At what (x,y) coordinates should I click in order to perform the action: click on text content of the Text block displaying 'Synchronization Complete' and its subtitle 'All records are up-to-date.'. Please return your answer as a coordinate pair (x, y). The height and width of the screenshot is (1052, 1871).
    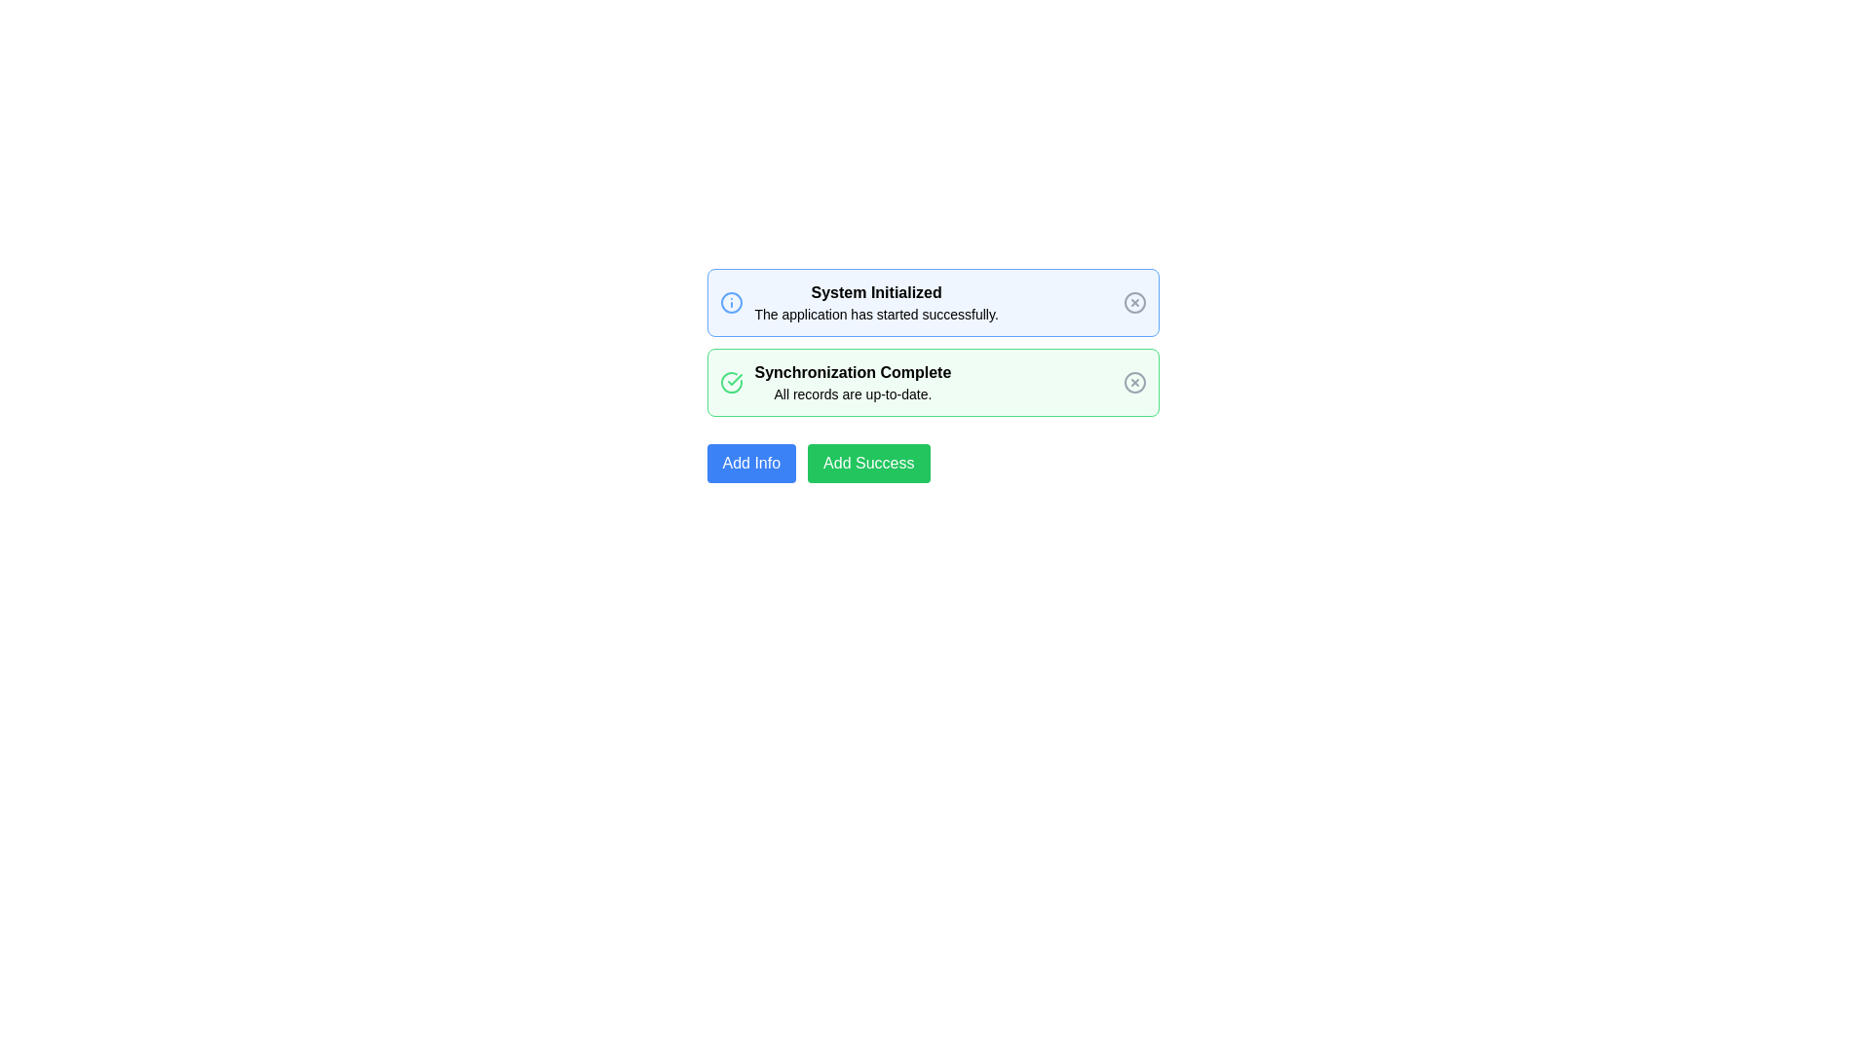
    Looking at the image, I should click on (853, 383).